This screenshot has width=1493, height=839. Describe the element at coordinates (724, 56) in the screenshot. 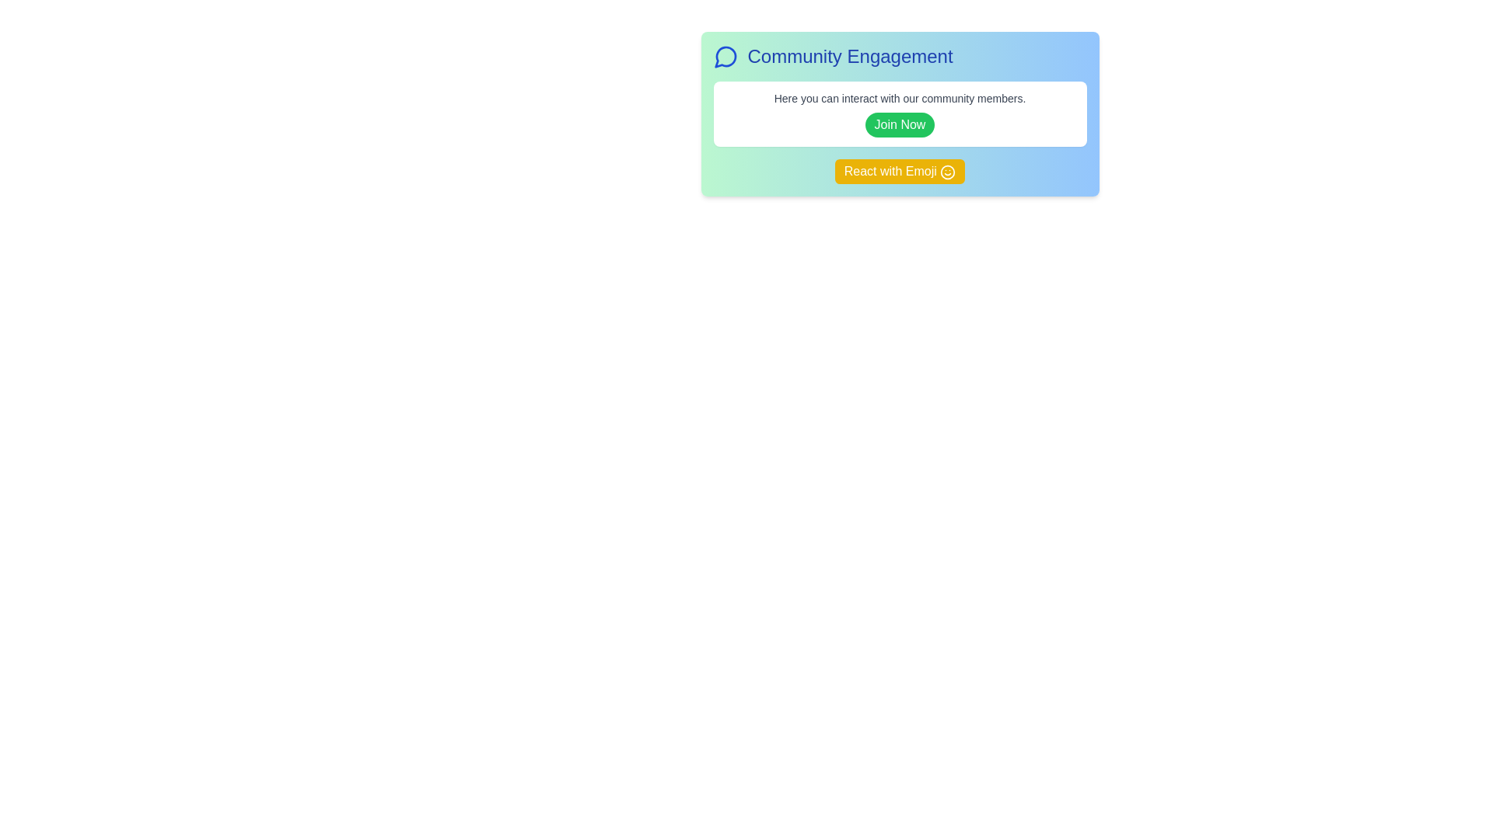

I see `the central speech bubble icon in the top left corner of the 'Community Engagement' card, which symbolizes communication or messaging` at that location.